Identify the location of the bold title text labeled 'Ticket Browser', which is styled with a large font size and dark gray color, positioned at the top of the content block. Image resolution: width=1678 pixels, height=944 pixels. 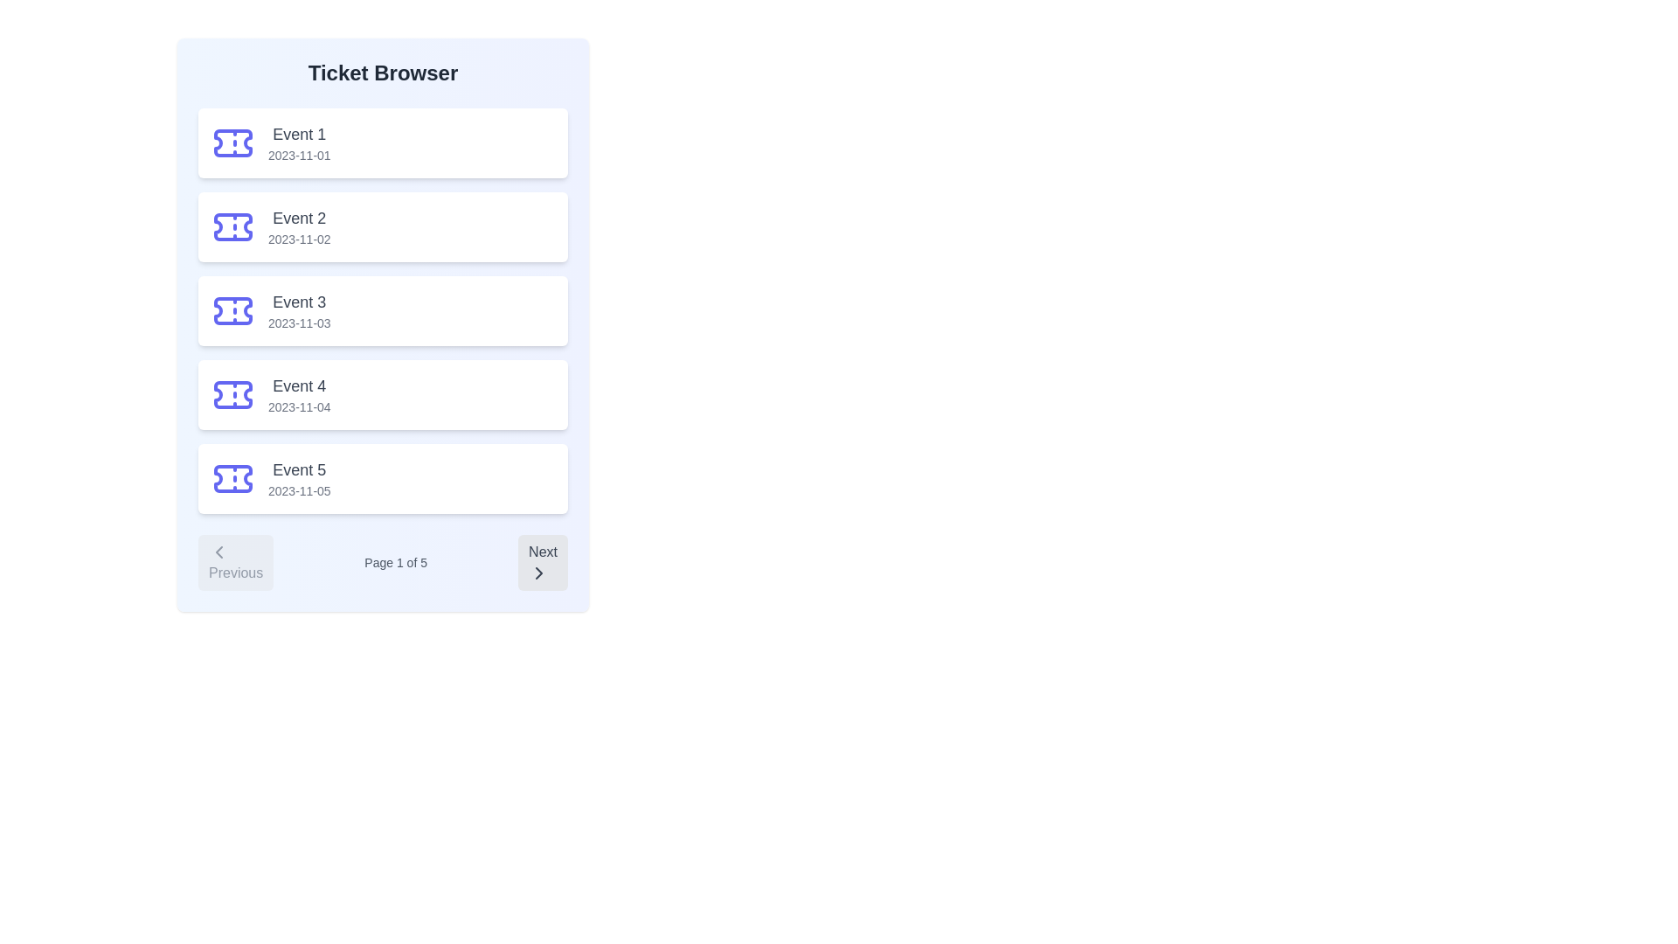
(382, 73).